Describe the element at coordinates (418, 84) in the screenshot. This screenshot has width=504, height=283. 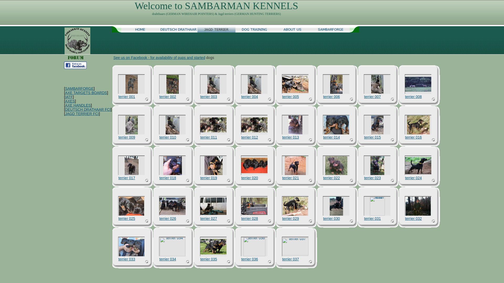
I see `'terrier 008'` at that location.